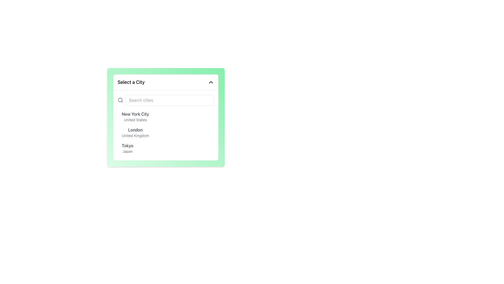  What do you see at coordinates (166, 82) in the screenshot?
I see `the Dropdown Toggle labeled 'Select a City' to interact with it` at bounding box center [166, 82].